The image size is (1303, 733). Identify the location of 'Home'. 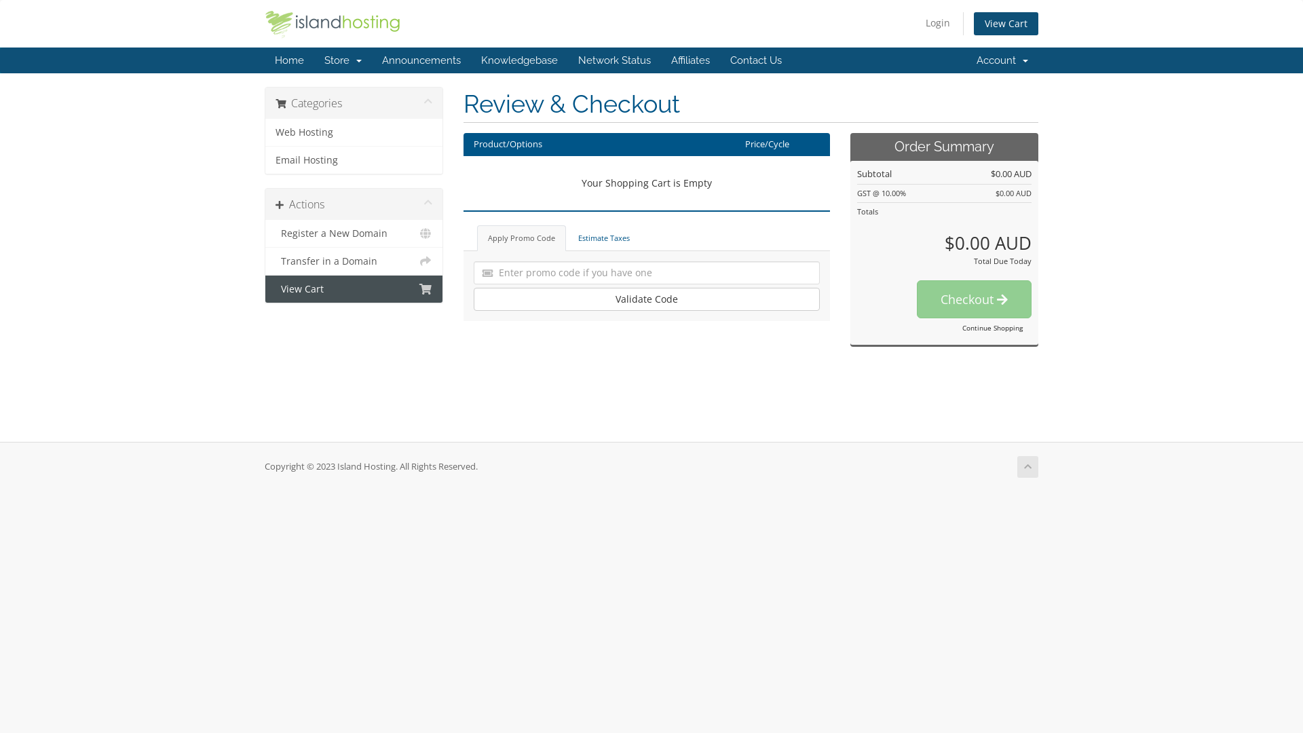
(288, 59).